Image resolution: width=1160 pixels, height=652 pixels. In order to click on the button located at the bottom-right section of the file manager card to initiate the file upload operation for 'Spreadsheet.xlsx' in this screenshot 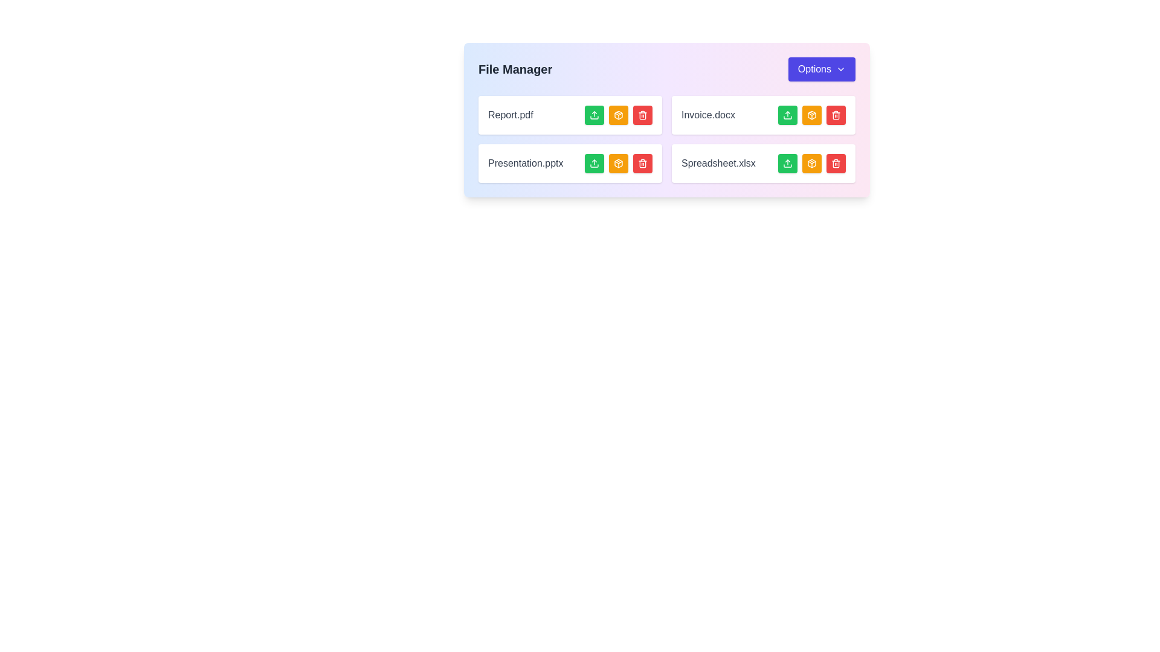, I will do `click(788, 163)`.